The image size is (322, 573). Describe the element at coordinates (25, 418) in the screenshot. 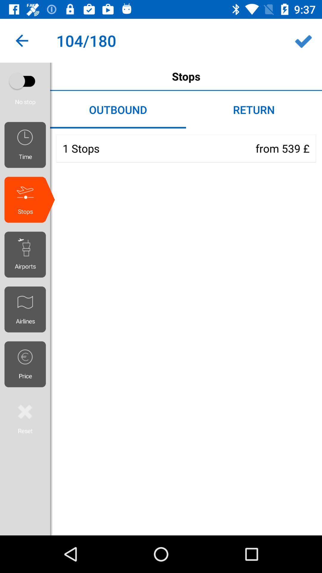

I see `page` at that location.